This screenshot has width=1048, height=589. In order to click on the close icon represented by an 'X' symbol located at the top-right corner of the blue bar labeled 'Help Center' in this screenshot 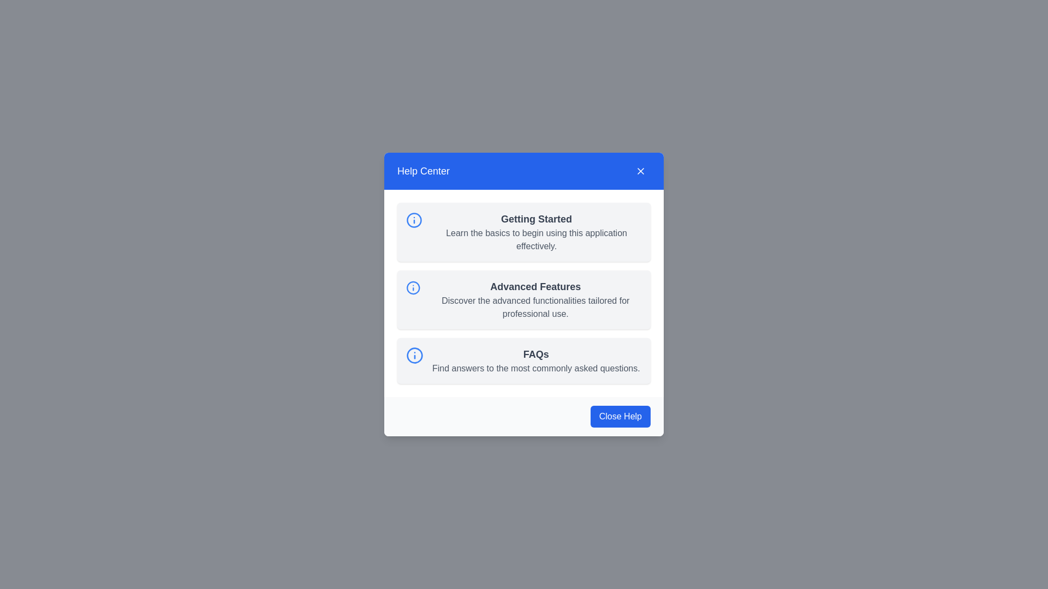, I will do `click(641, 171)`.